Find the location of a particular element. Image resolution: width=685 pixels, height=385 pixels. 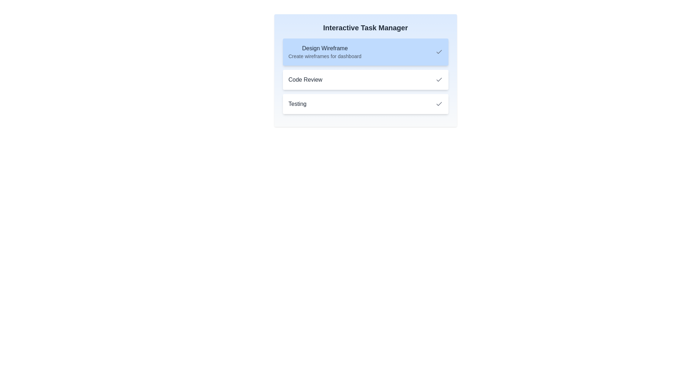

the task Code Review to see its details is located at coordinates (365, 79).